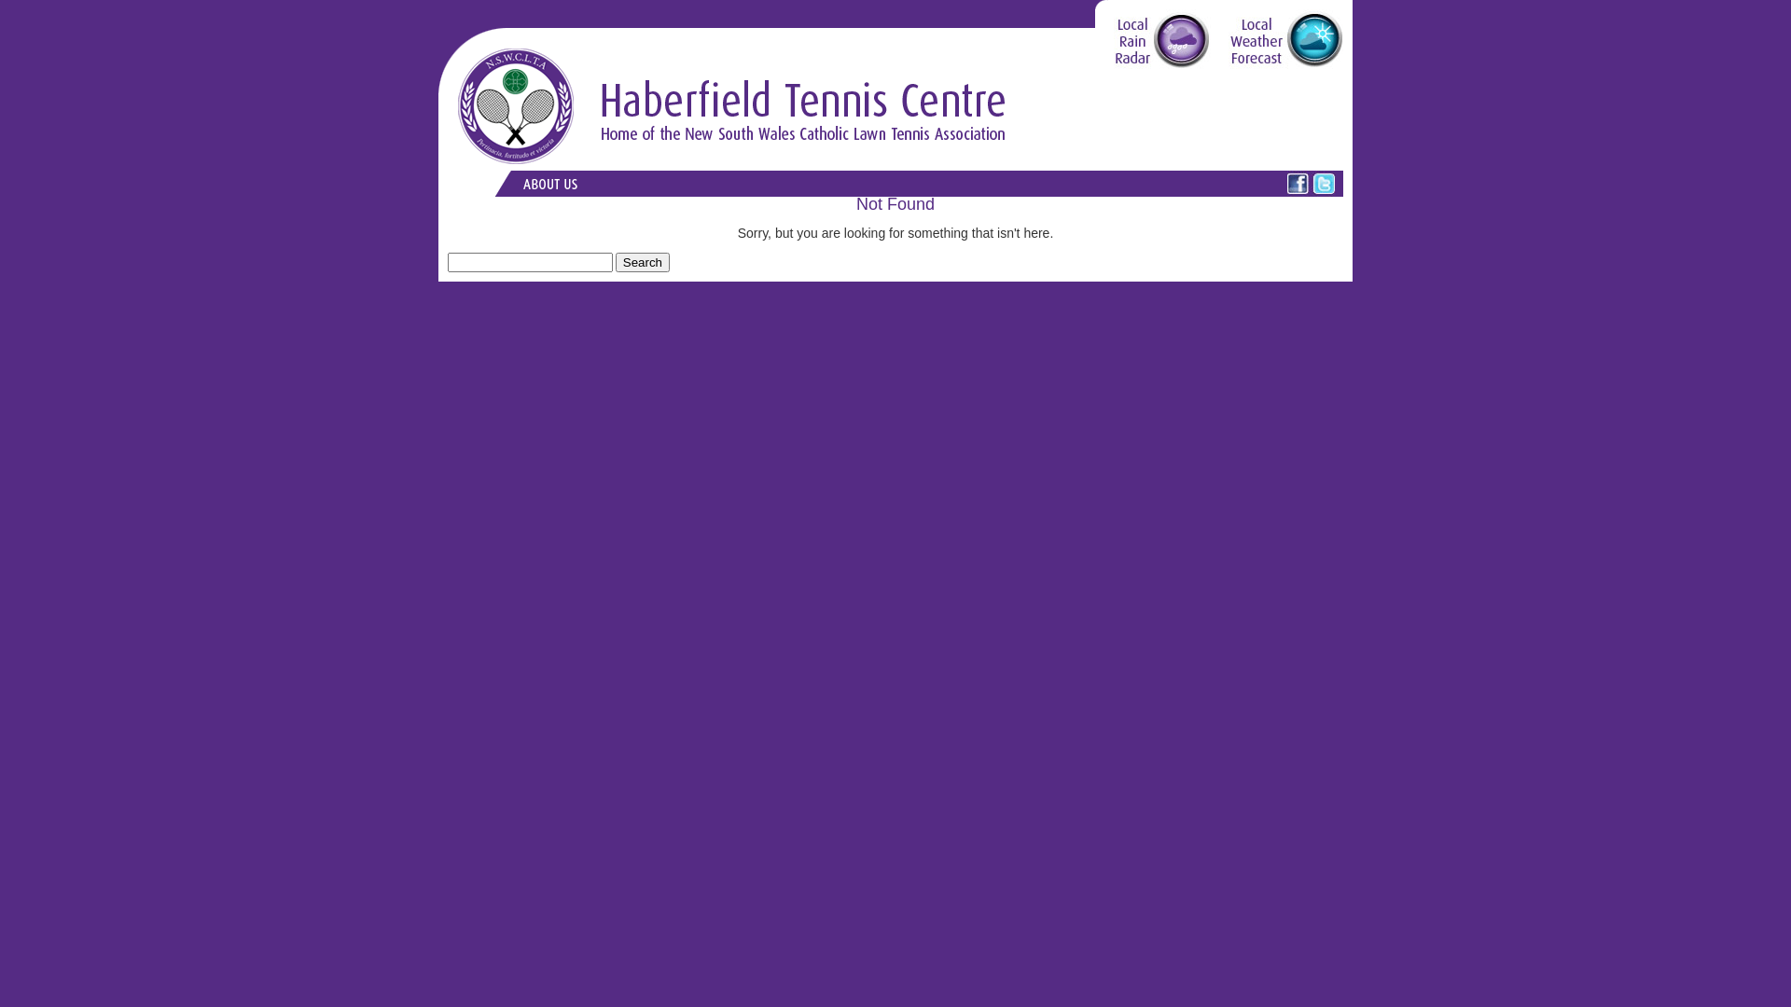 This screenshot has width=1791, height=1007. Describe the element at coordinates (548, 183) in the screenshot. I see `'About Us'` at that location.